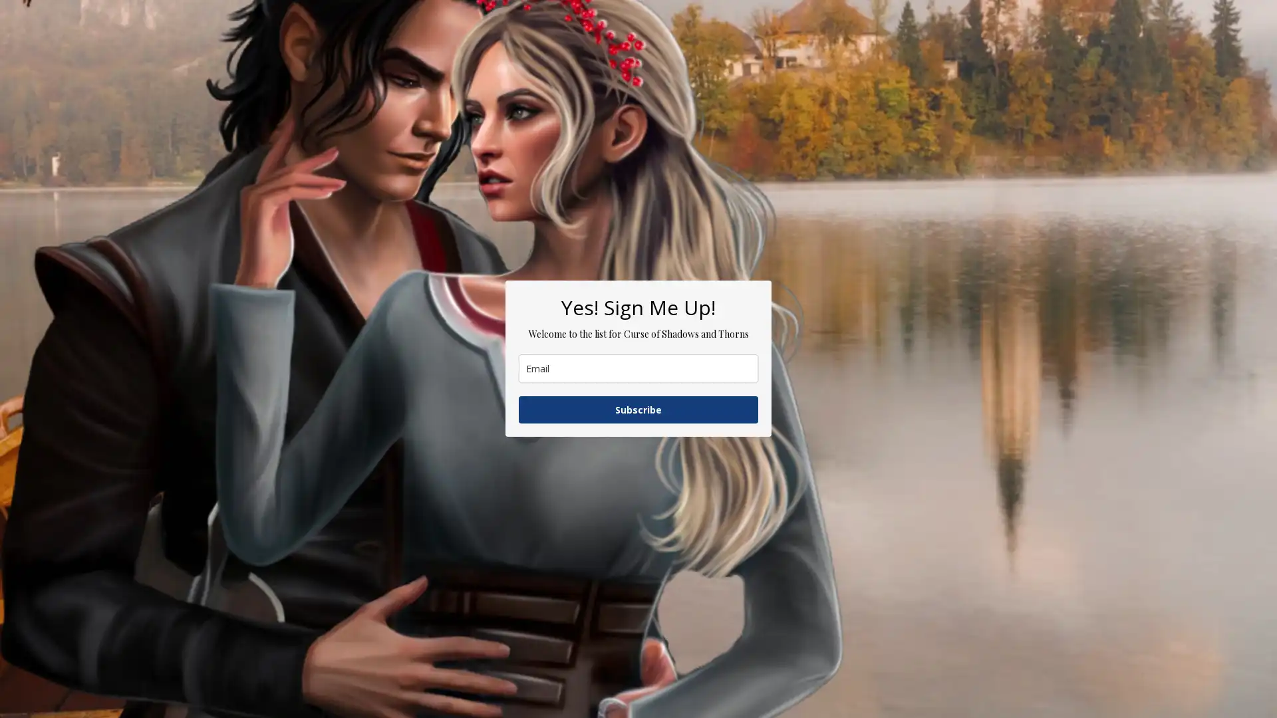 The height and width of the screenshot is (718, 1277). What do you see at coordinates (638, 409) in the screenshot?
I see `Subscribe` at bounding box center [638, 409].